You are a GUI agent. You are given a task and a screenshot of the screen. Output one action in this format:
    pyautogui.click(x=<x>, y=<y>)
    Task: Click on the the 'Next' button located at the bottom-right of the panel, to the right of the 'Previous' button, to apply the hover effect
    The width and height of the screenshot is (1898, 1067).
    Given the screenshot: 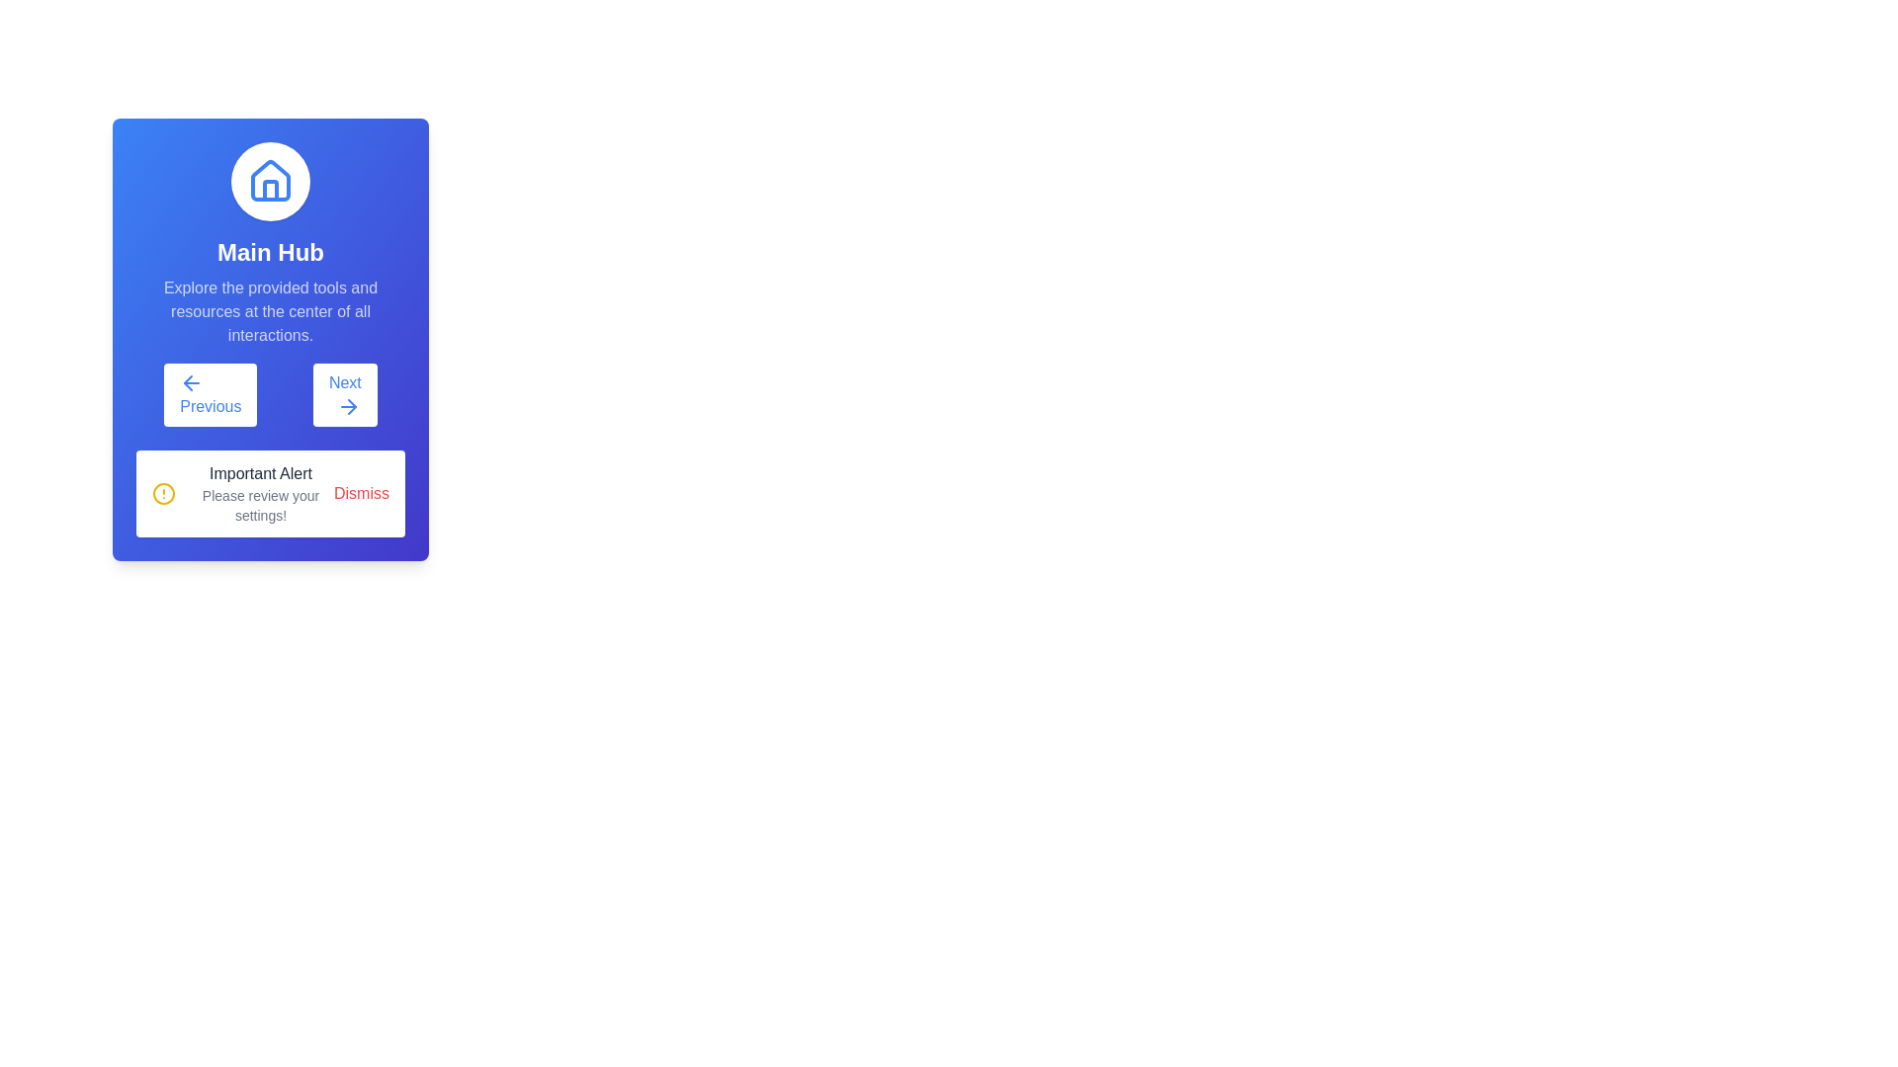 What is the action you would take?
    pyautogui.click(x=345, y=395)
    